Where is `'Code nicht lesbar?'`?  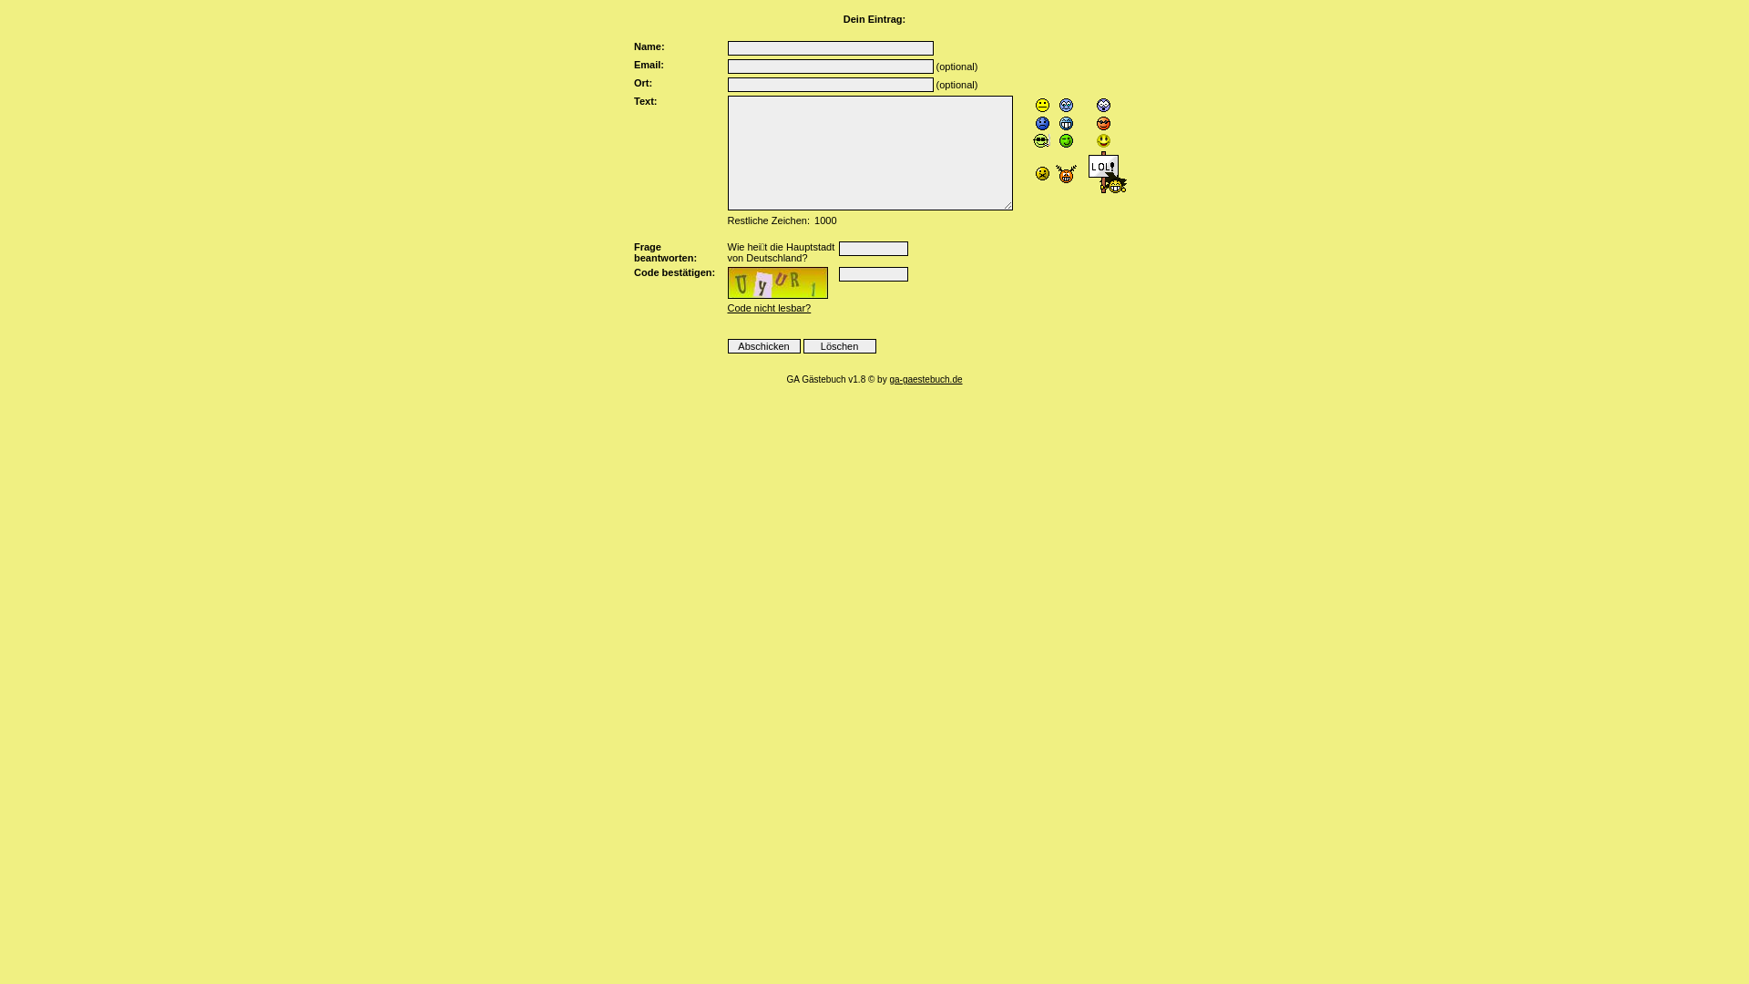
'Code nicht lesbar?' is located at coordinates (769, 307).